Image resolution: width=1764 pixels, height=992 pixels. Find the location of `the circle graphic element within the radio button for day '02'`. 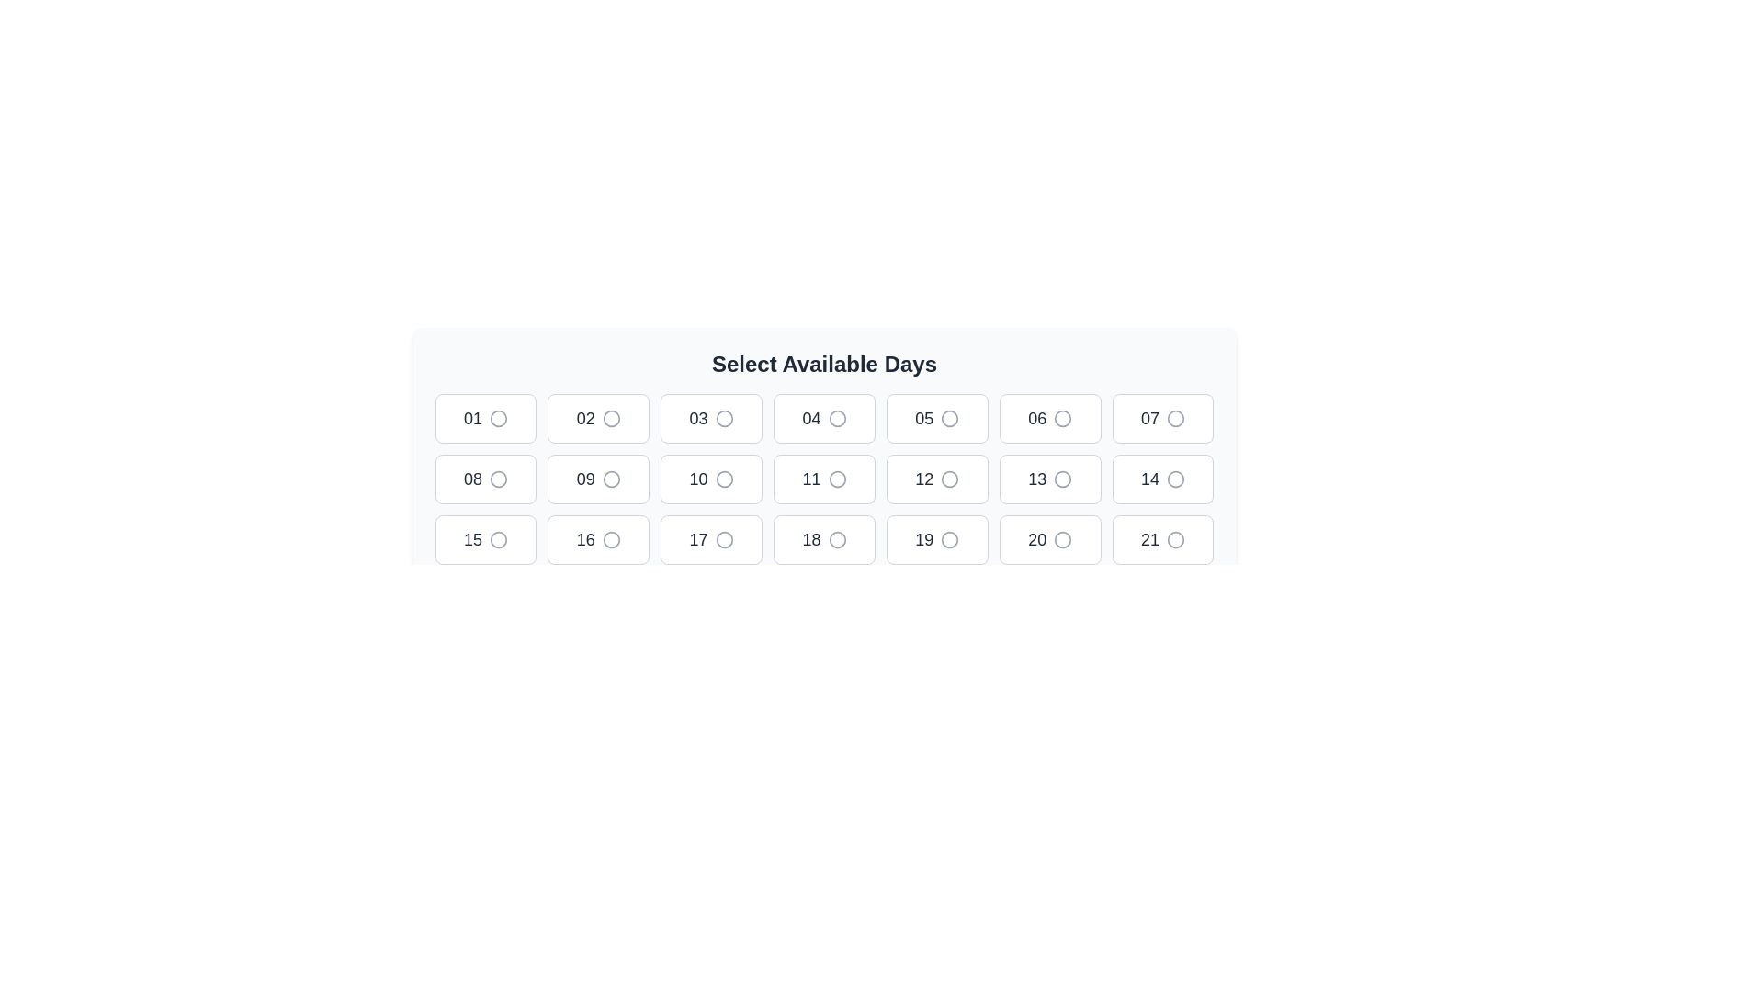

the circle graphic element within the radio button for day '02' is located at coordinates (611, 418).